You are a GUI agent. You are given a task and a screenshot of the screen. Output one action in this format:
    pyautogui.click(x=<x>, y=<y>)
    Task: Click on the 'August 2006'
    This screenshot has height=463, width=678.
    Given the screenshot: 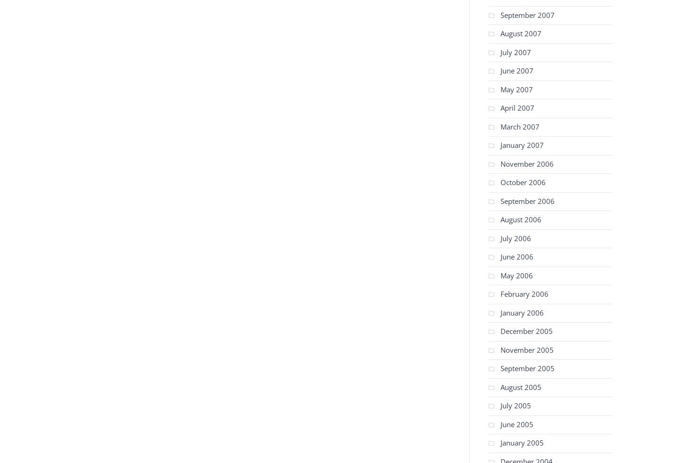 What is the action you would take?
    pyautogui.click(x=520, y=219)
    